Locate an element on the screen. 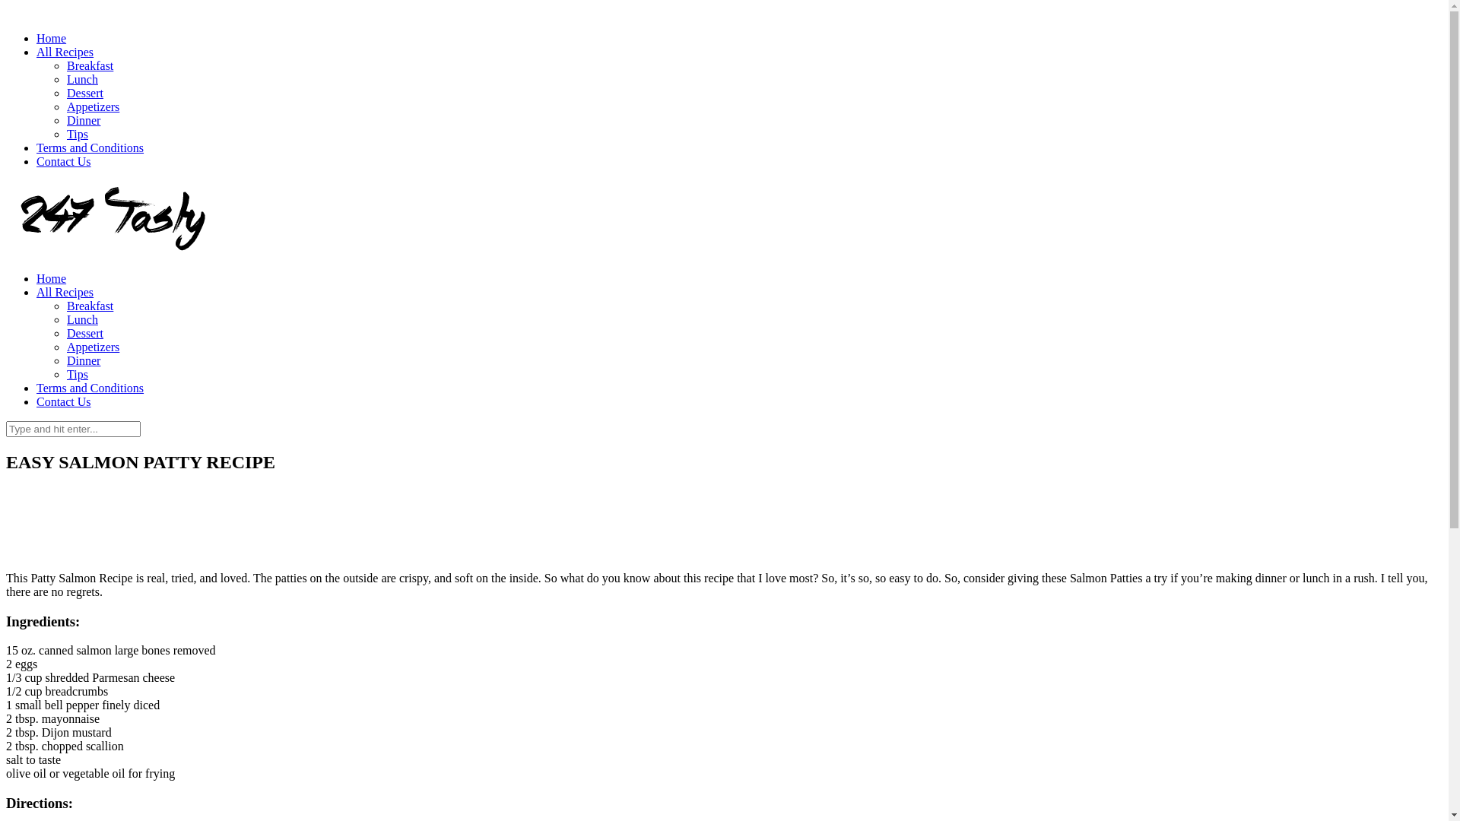 This screenshot has width=1460, height=821. 'Tips' is located at coordinates (76, 374).